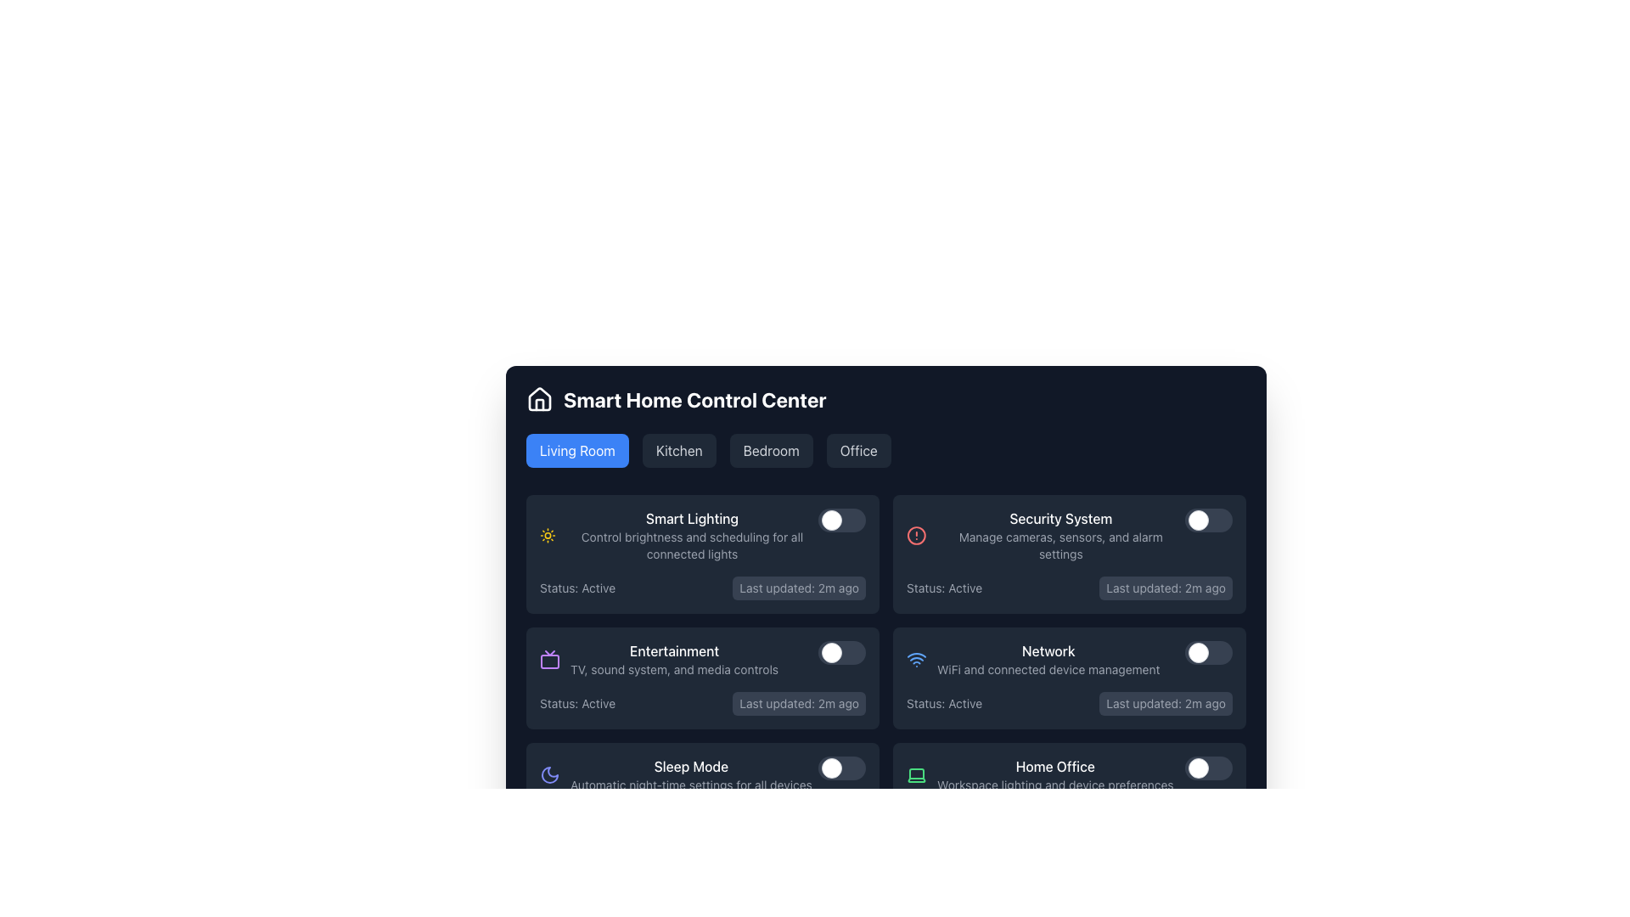 The image size is (1630, 917). Describe the element at coordinates (1048, 669) in the screenshot. I see `text label providing additional information about the WiFi and connected device management feature located in the 'Network' card, positioned beneath the title 'Network'` at that location.